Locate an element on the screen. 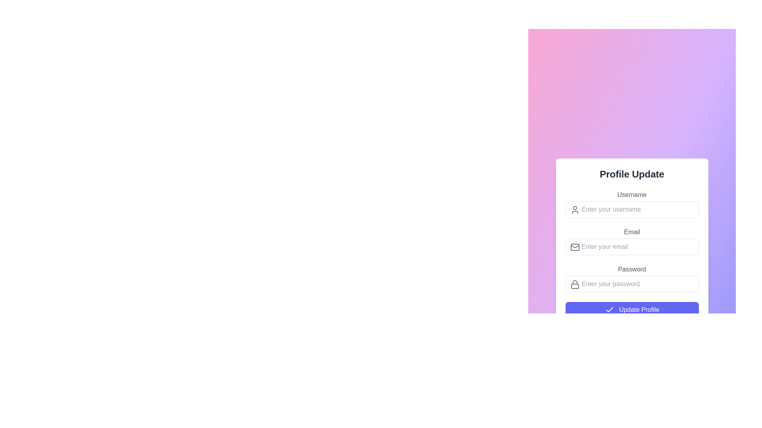  the 'Email' label, which is styled with a gray tone and positioned above the email input field in the form layout is located at coordinates (631, 232).